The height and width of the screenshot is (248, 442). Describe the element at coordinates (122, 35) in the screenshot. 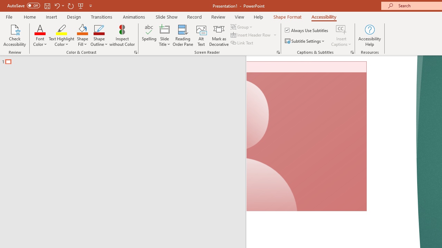

I see `'Inspect without Color'` at that location.